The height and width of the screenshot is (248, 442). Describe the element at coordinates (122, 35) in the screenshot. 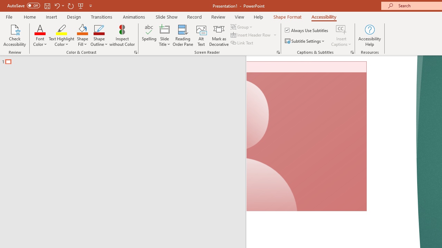

I see `'Inspect without Color'` at that location.